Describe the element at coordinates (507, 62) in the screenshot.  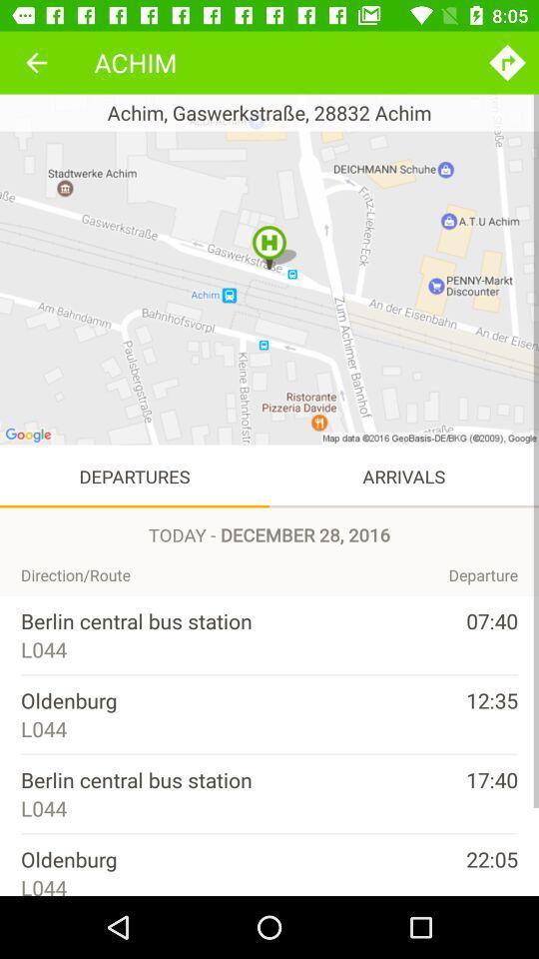
I see `icon to the right of achim icon` at that location.